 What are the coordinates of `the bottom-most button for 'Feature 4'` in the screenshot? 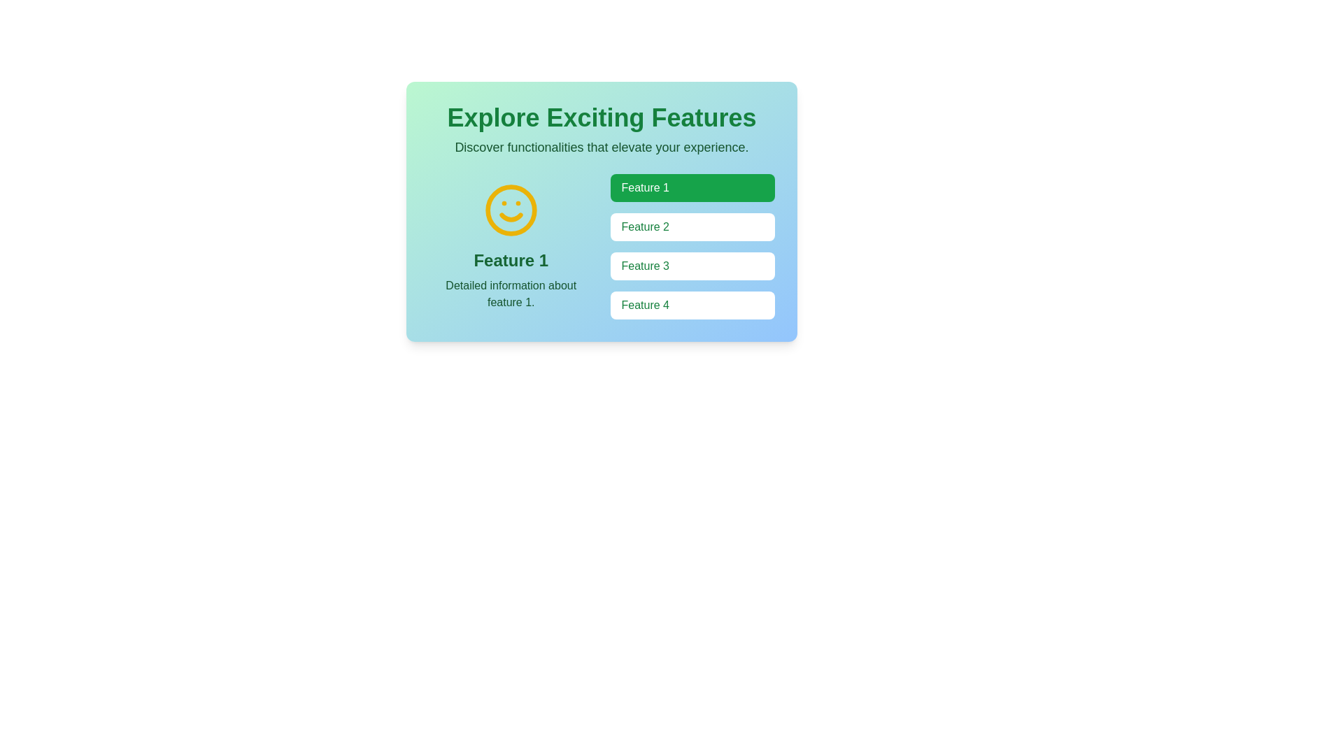 It's located at (692, 304).